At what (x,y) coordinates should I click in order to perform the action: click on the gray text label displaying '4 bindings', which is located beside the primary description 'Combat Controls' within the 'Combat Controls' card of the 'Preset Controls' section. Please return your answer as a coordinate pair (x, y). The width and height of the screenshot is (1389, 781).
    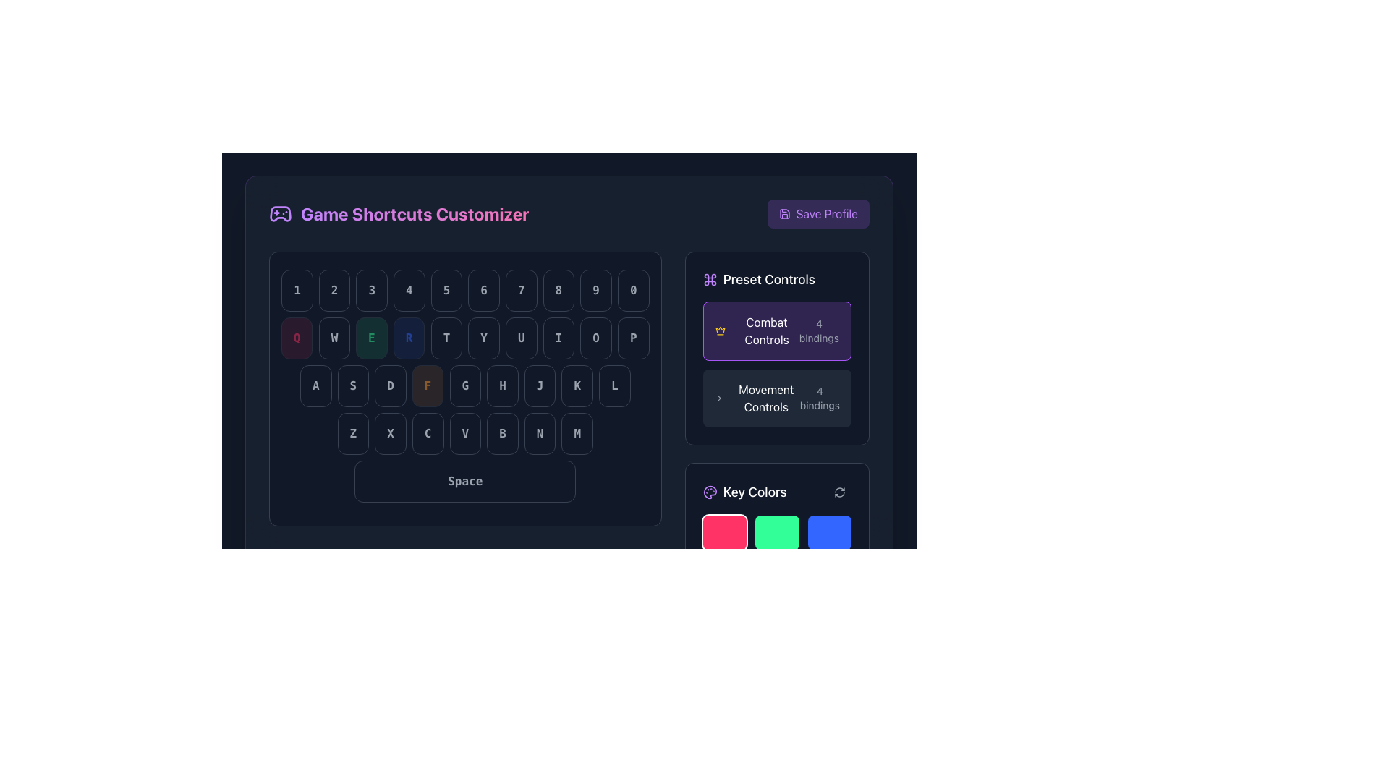
    Looking at the image, I should click on (819, 331).